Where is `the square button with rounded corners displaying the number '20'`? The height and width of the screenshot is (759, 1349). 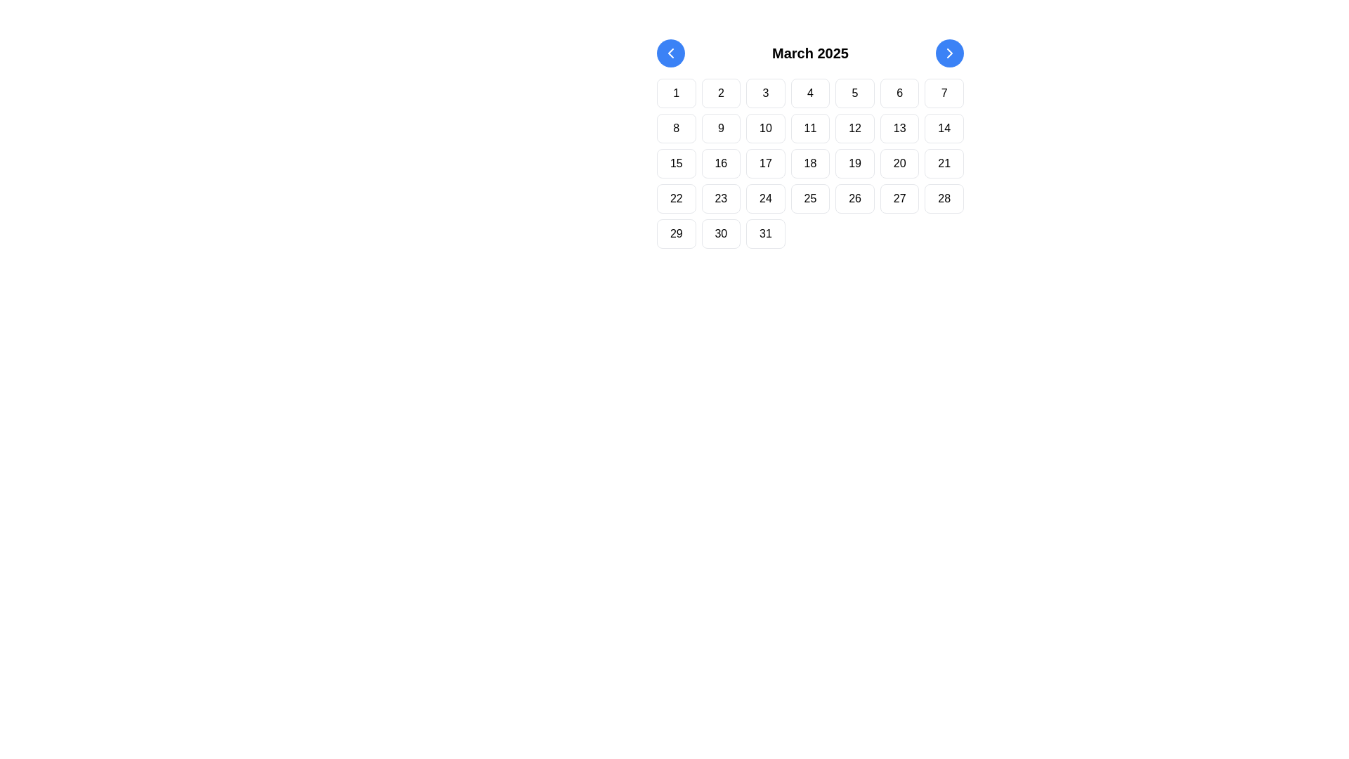 the square button with rounded corners displaying the number '20' is located at coordinates (899, 162).